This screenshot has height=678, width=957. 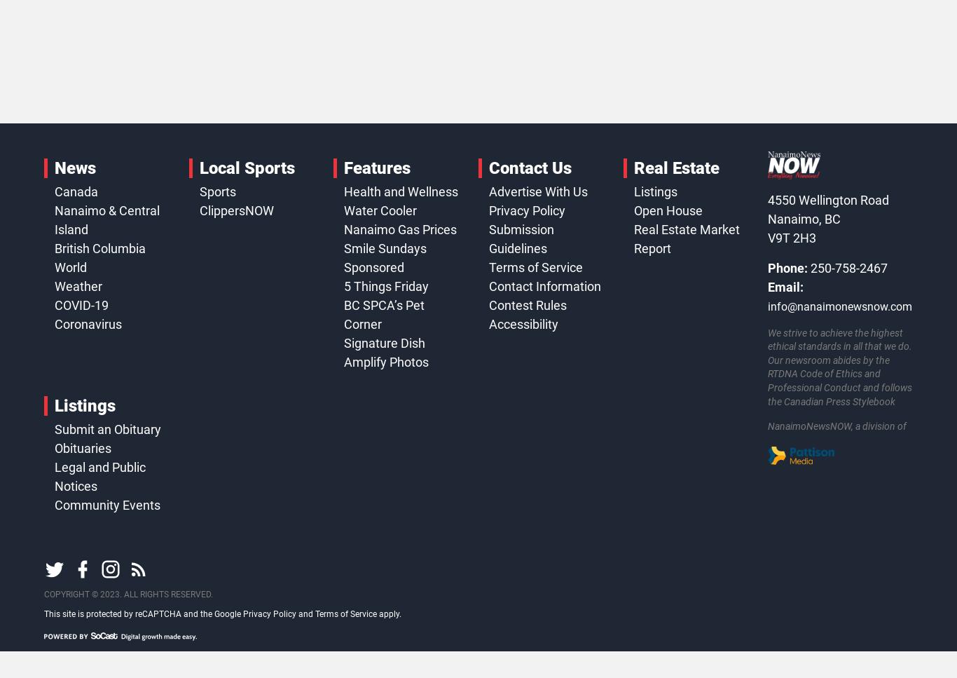 What do you see at coordinates (54, 266) in the screenshot?
I see `'World'` at bounding box center [54, 266].